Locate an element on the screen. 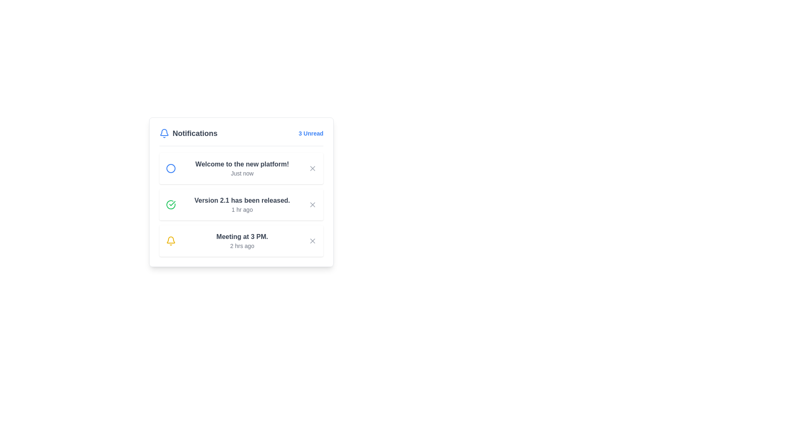  the close button ('X' mark) located at the top-right side of the first notification message is located at coordinates (312, 168).